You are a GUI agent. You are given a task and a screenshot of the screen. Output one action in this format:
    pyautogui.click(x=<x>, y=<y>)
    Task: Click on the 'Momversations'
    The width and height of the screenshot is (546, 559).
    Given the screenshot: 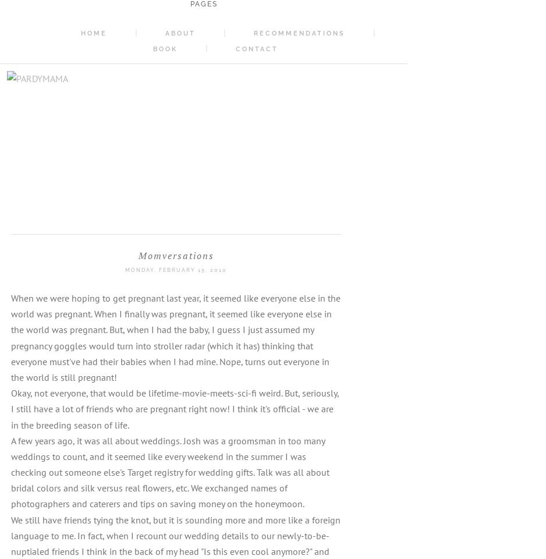 What is the action you would take?
    pyautogui.click(x=176, y=256)
    